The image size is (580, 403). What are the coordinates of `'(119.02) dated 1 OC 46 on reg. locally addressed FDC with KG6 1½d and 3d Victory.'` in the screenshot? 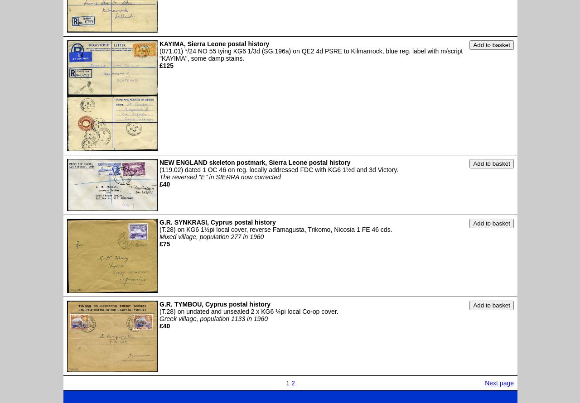 It's located at (278, 169).